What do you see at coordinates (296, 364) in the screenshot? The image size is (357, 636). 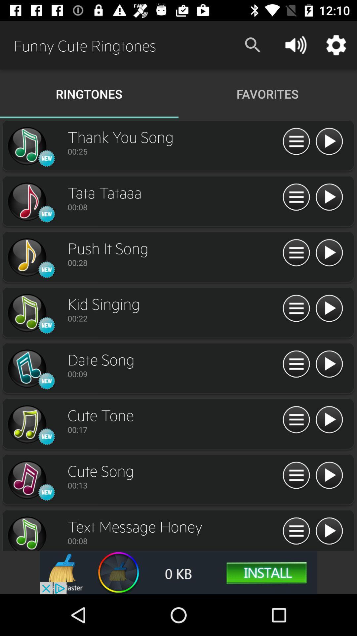 I see `menu page` at bounding box center [296, 364].